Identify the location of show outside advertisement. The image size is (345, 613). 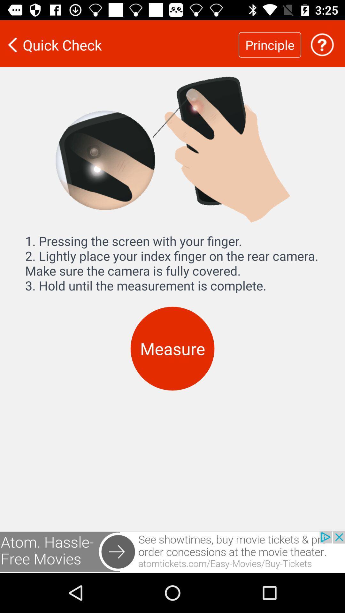
(172, 551).